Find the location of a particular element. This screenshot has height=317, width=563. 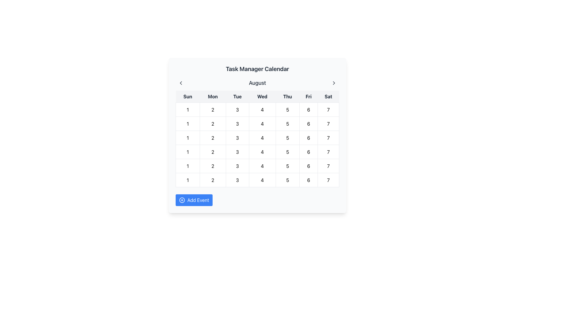

the numeral '2' in the second cell of the calendar's first row is located at coordinates (212, 123).